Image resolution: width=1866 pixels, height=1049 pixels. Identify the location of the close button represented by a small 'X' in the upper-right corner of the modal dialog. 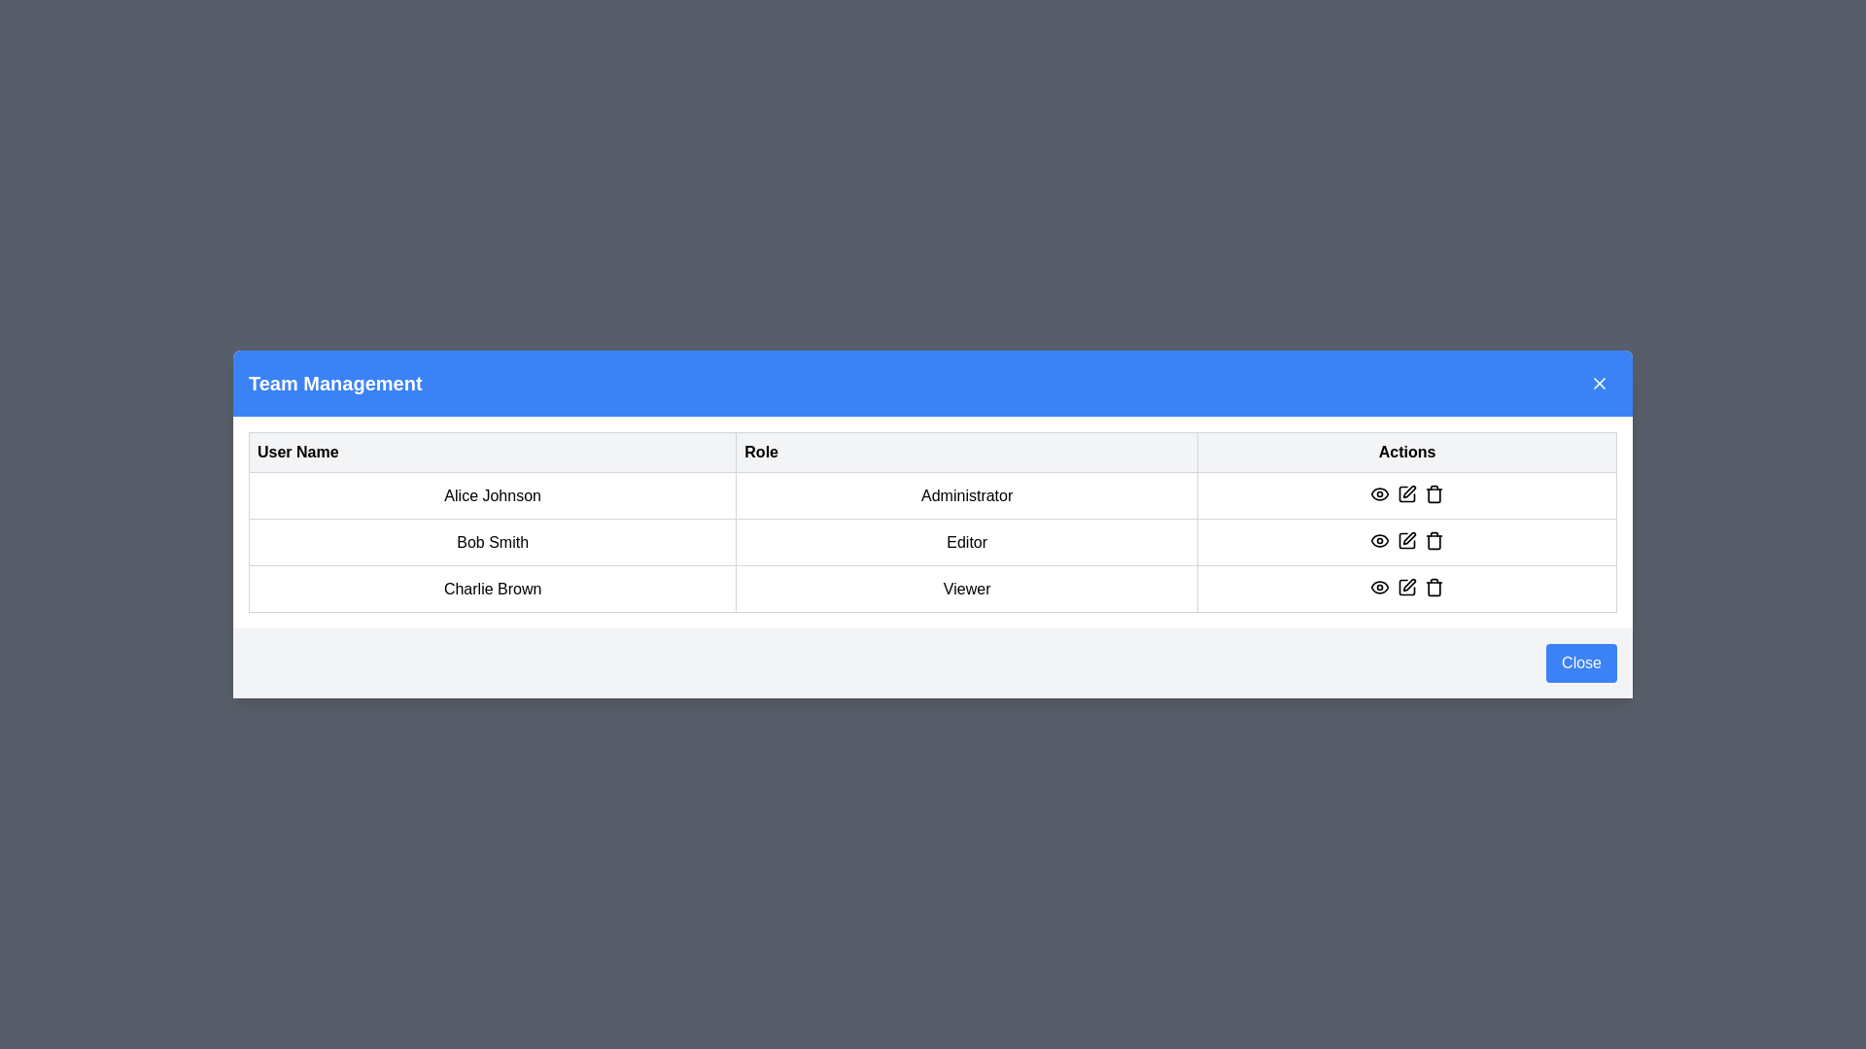
(1600, 383).